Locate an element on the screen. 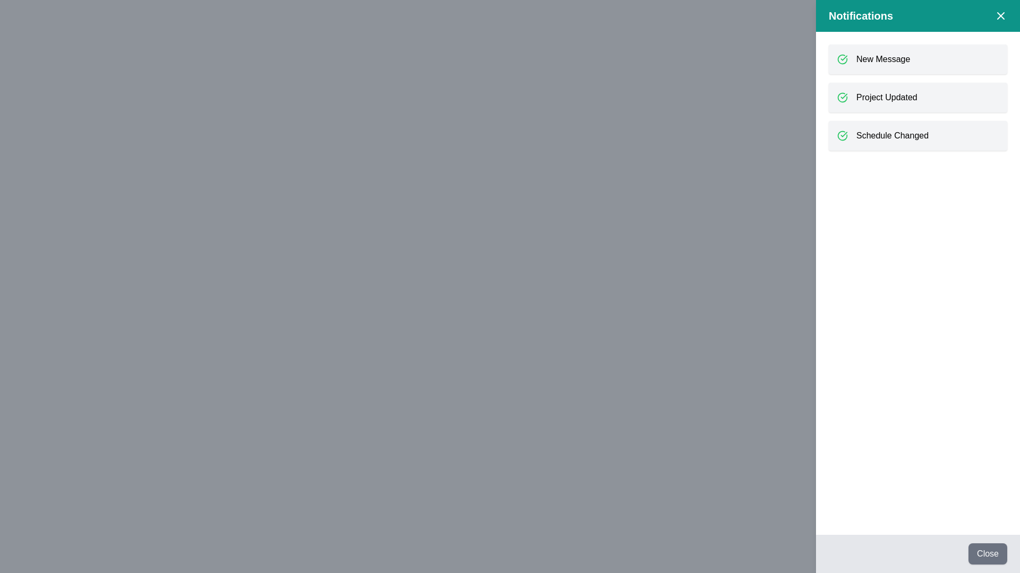  text from the third notification card in the Notifications panel, which displays 'Schedule Changed' is located at coordinates (917, 135).